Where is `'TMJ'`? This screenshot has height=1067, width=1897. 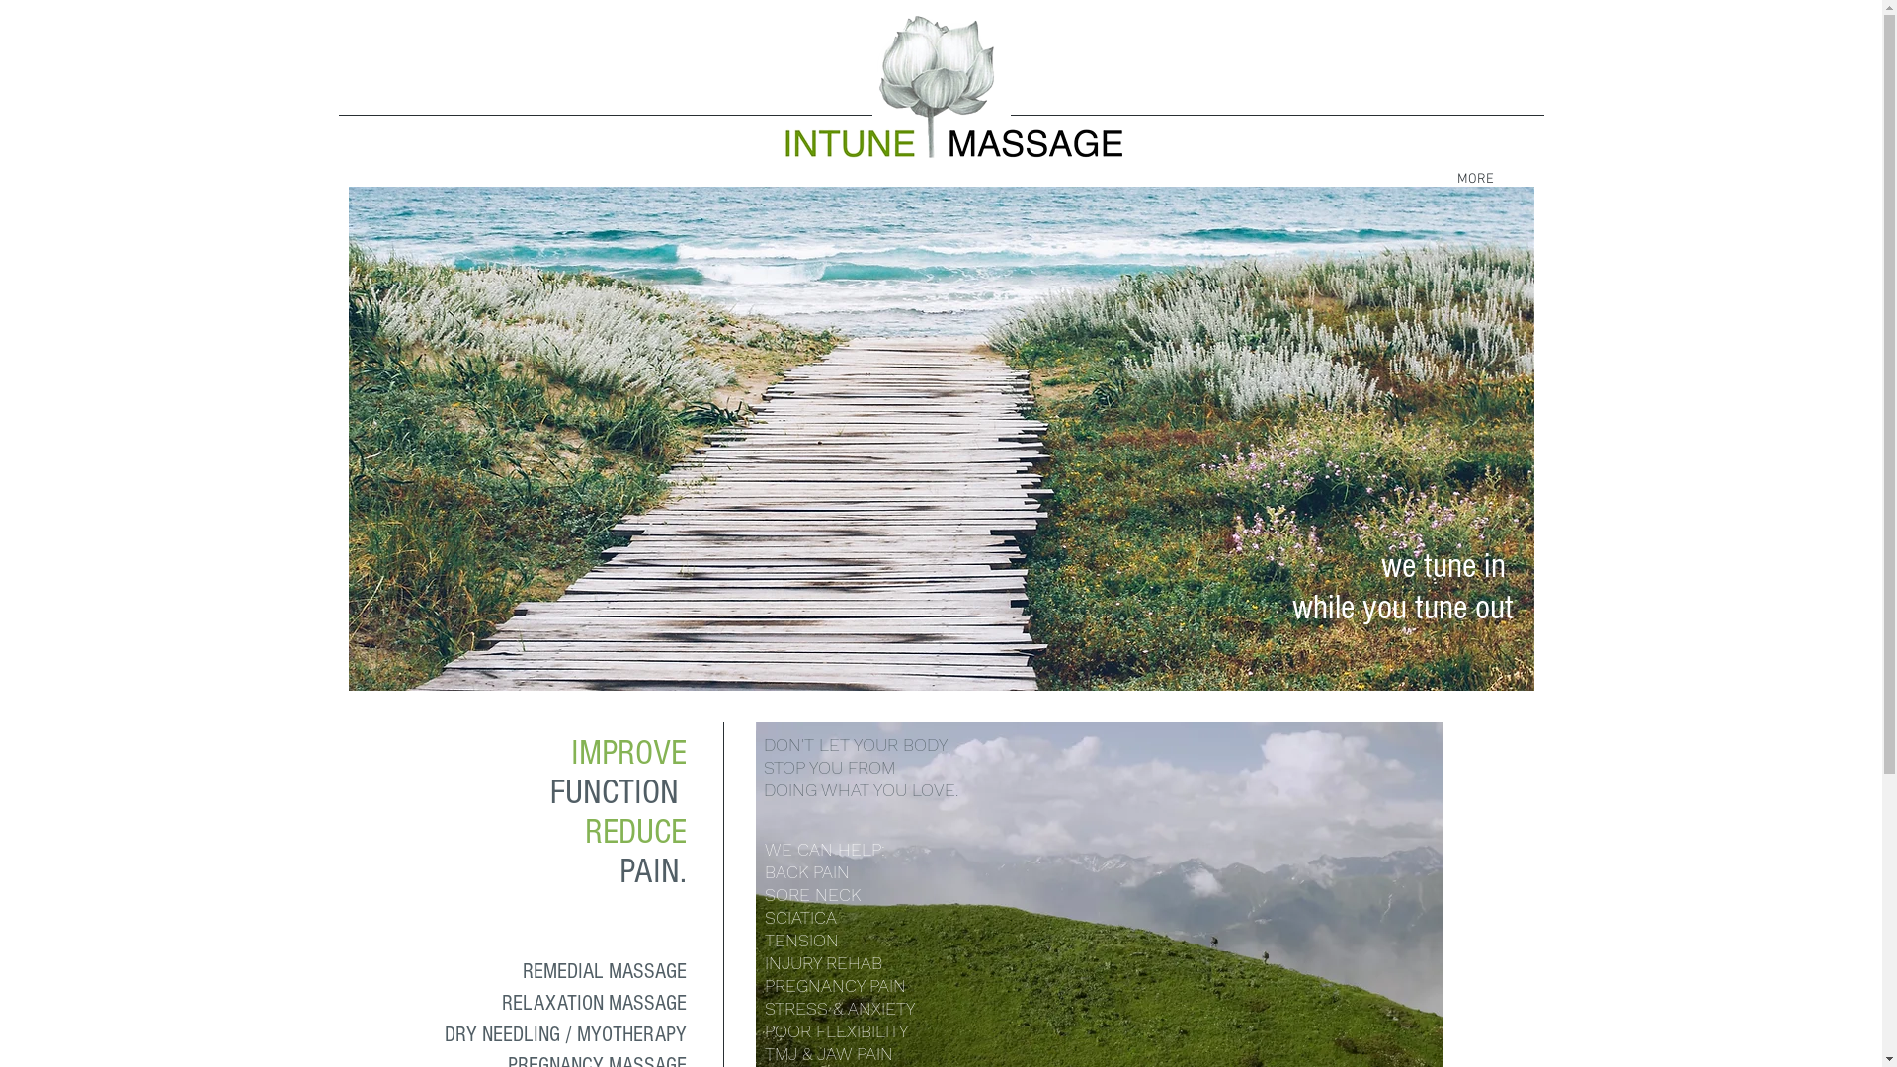
'TMJ' is located at coordinates (780, 1052).